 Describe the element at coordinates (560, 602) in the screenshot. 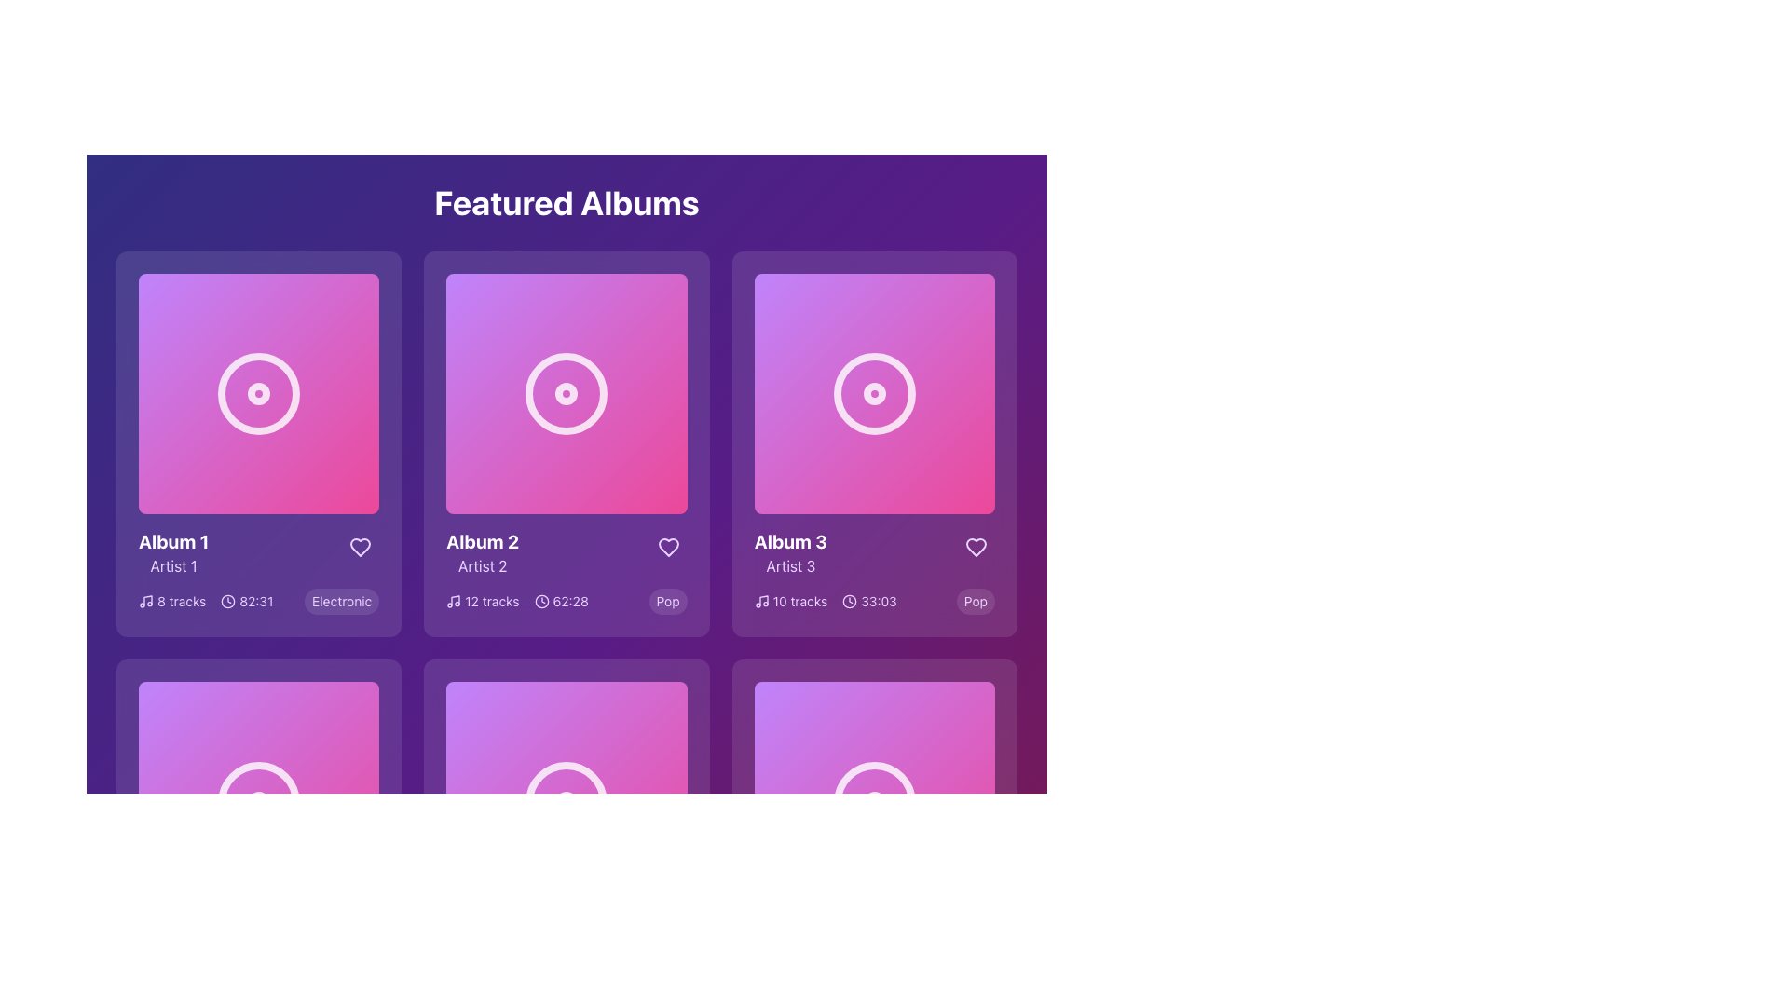

I see `the static display label showing the text '62:28' with a clock icon, located in the bottom left of the 'Album 2' card in the grid layout` at that location.